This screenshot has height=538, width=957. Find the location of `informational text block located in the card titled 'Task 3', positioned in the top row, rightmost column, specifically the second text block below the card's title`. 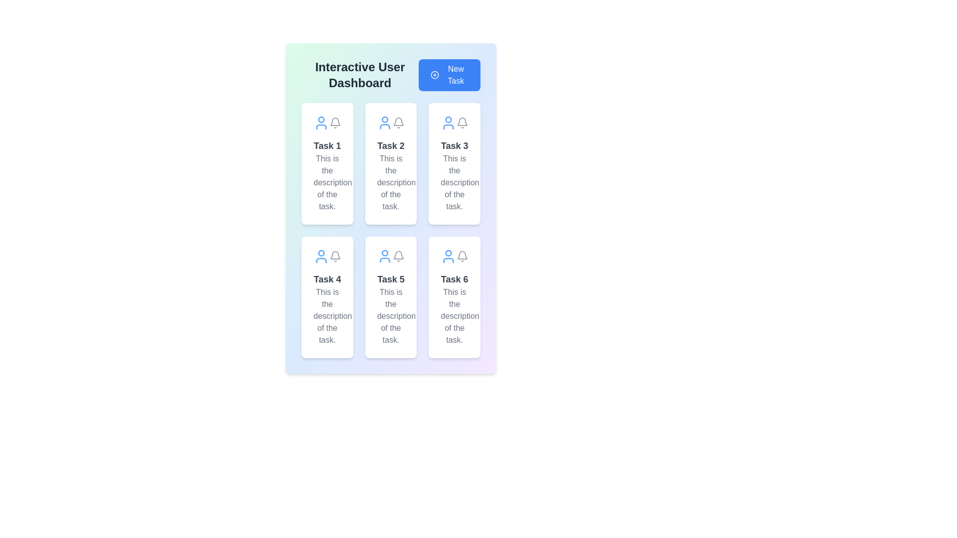

informational text block located in the card titled 'Task 3', positioned in the top row, rightmost column, specifically the second text block below the card's title is located at coordinates (454, 182).